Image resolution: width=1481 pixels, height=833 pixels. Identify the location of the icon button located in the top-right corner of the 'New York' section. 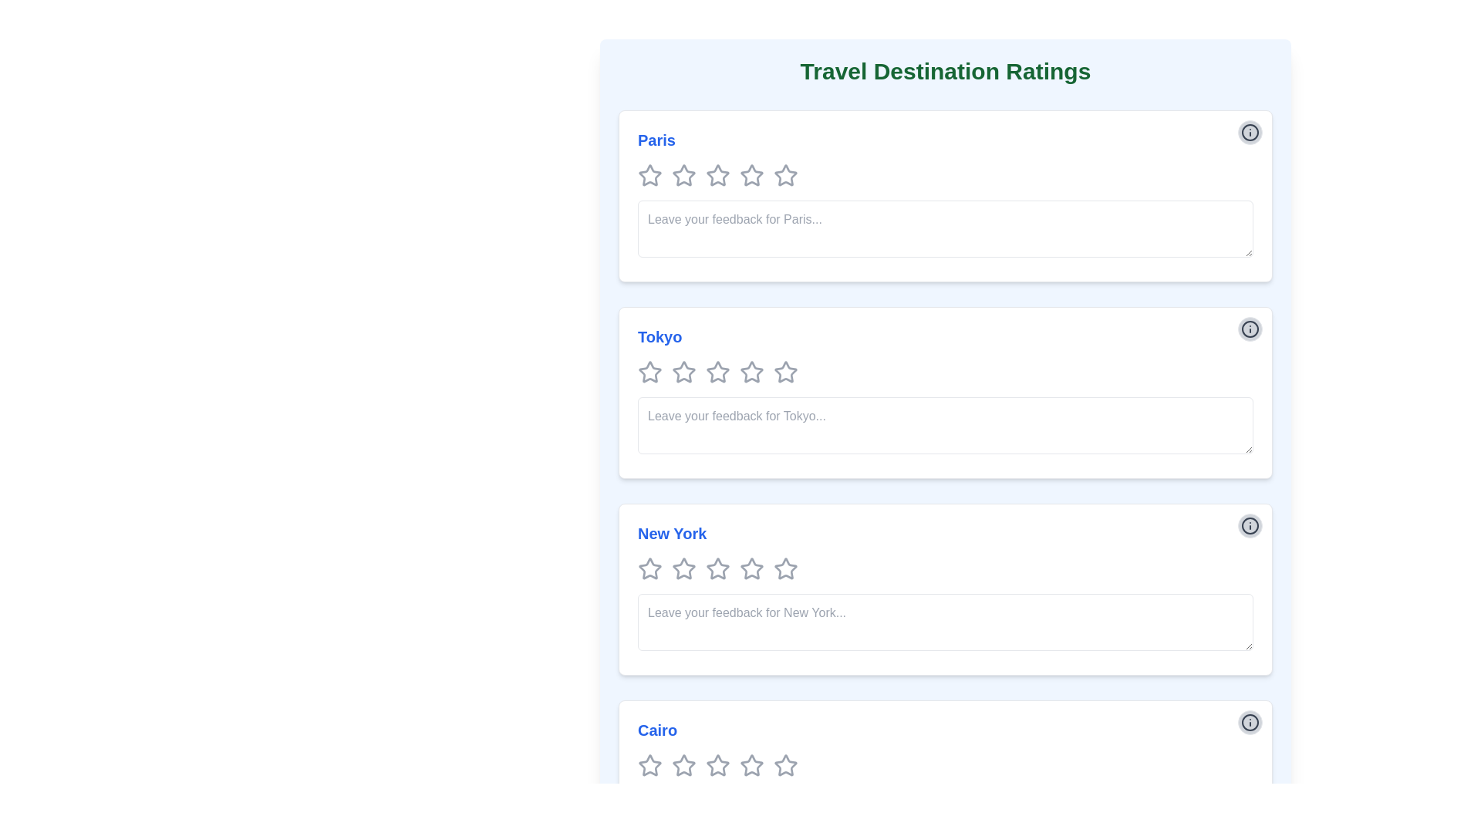
(1250, 525).